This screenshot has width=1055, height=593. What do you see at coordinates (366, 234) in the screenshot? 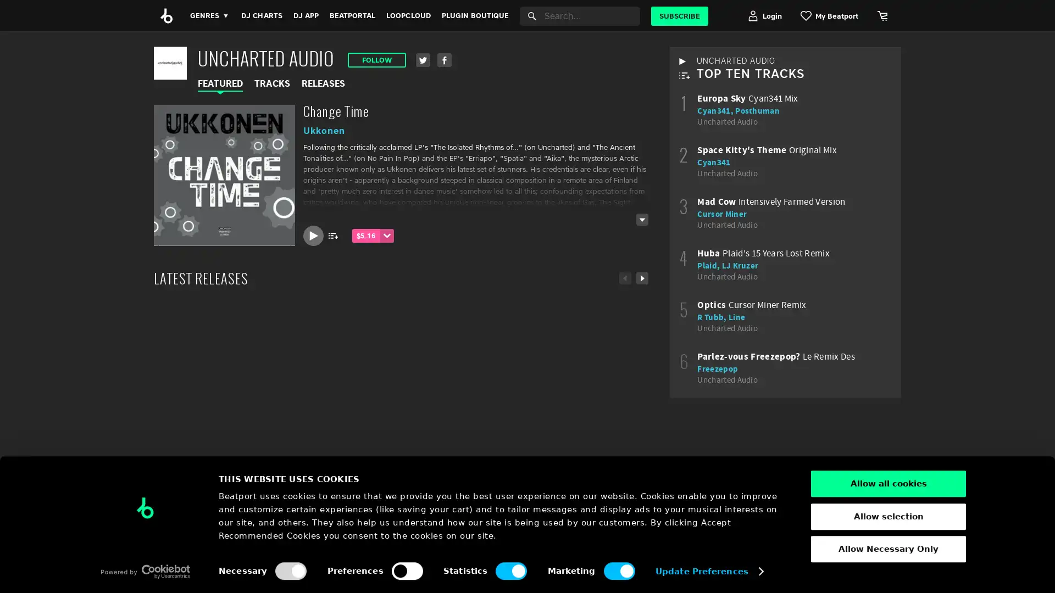
I see `$5.16` at bounding box center [366, 234].